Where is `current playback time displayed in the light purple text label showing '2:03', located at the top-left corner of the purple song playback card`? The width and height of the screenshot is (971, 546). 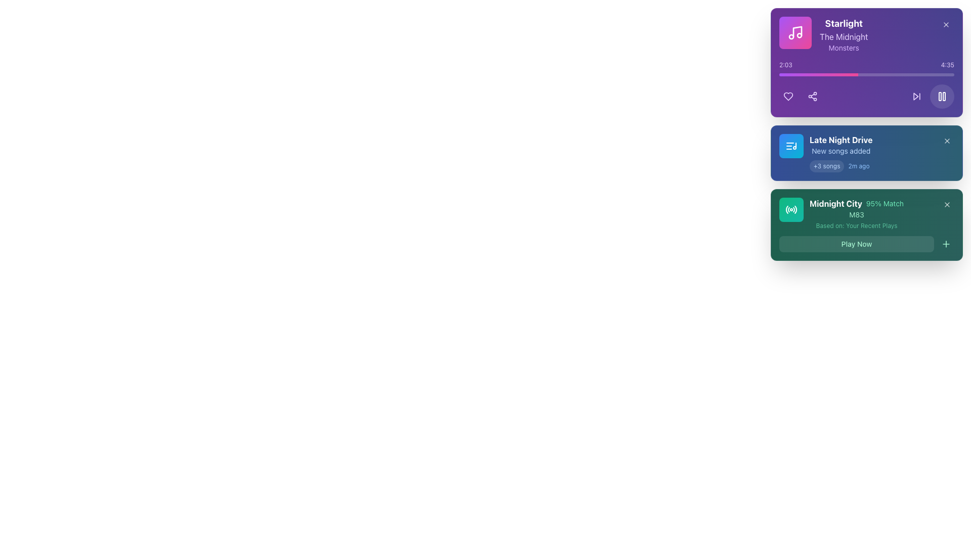
current playback time displayed in the light purple text label showing '2:03', located at the top-left corner of the purple song playback card is located at coordinates (785, 65).